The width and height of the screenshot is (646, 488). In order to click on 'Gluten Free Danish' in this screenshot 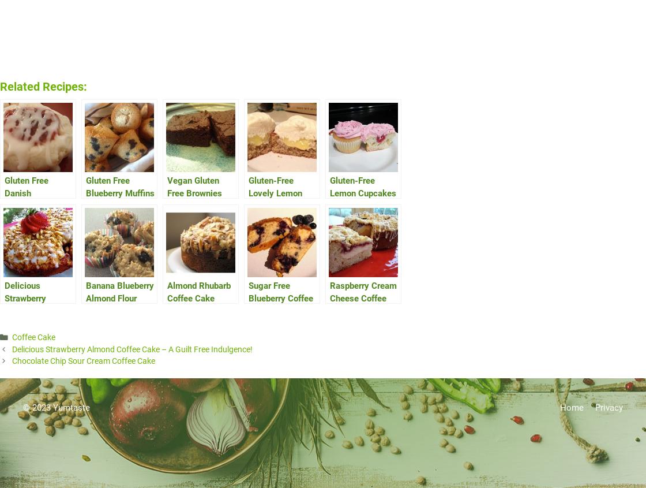, I will do `click(27, 187)`.